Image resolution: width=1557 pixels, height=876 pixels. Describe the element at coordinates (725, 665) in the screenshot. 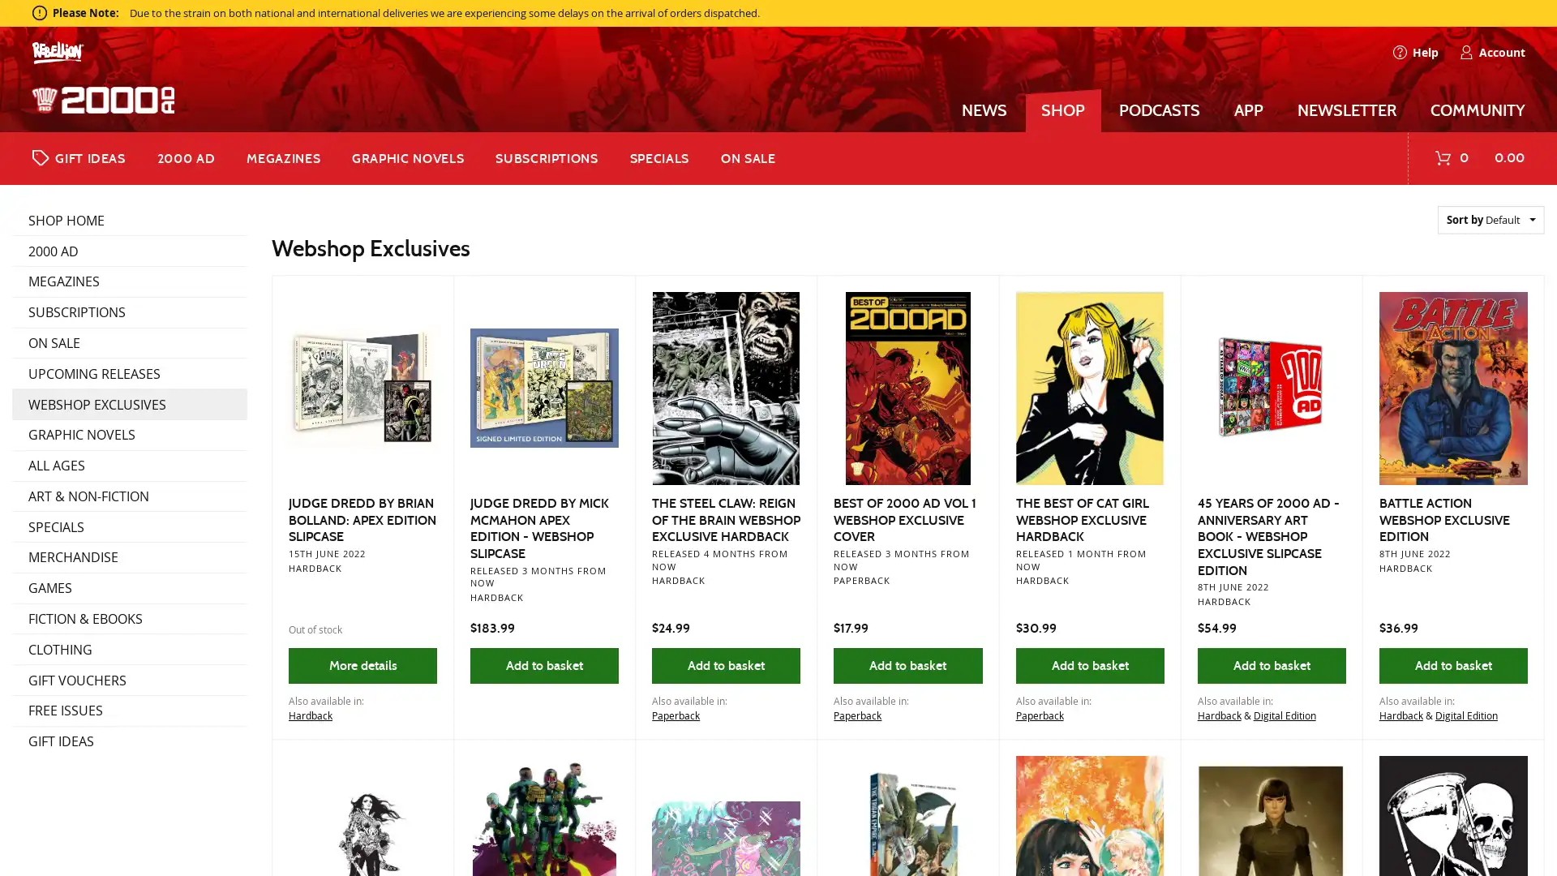

I see `Add to basket` at that location.